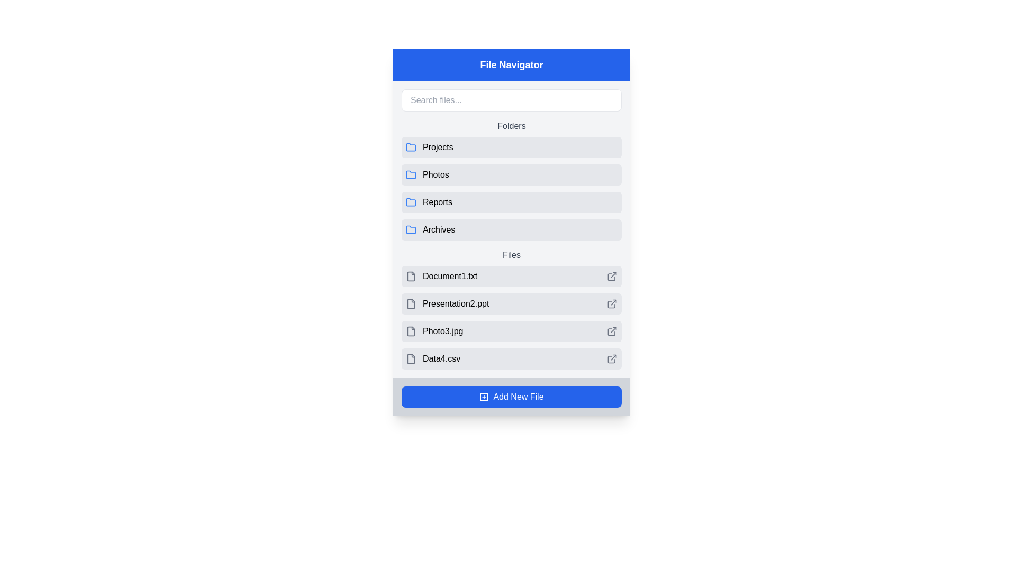  Describe the element at coordinates (613, 302) in the screenshot. I see `the external link icon button located in the 'Files' section next to the 'Presentation2.ppt' file name` at that location.